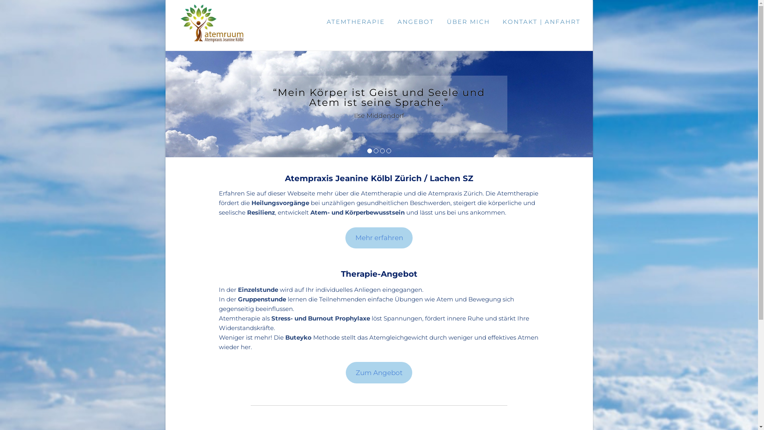  Describe the element at coordinates (388, 151) in the screenshot. I see `'4'` at that location.